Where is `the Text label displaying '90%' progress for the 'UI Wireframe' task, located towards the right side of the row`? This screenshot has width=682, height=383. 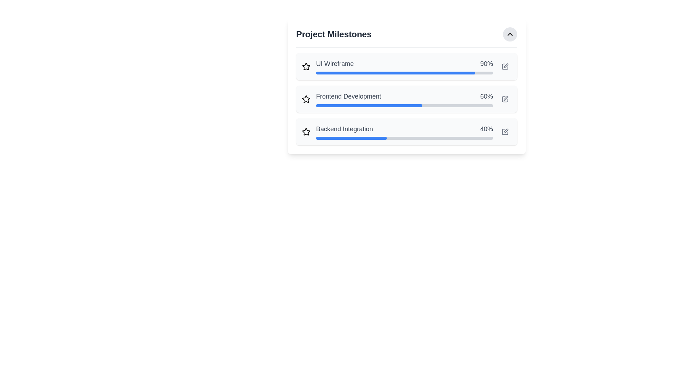
the Text label displaying '90%' progress for the 'UI Wireframe' task, located towards the right side of the row is located at coordinates (486, 64).